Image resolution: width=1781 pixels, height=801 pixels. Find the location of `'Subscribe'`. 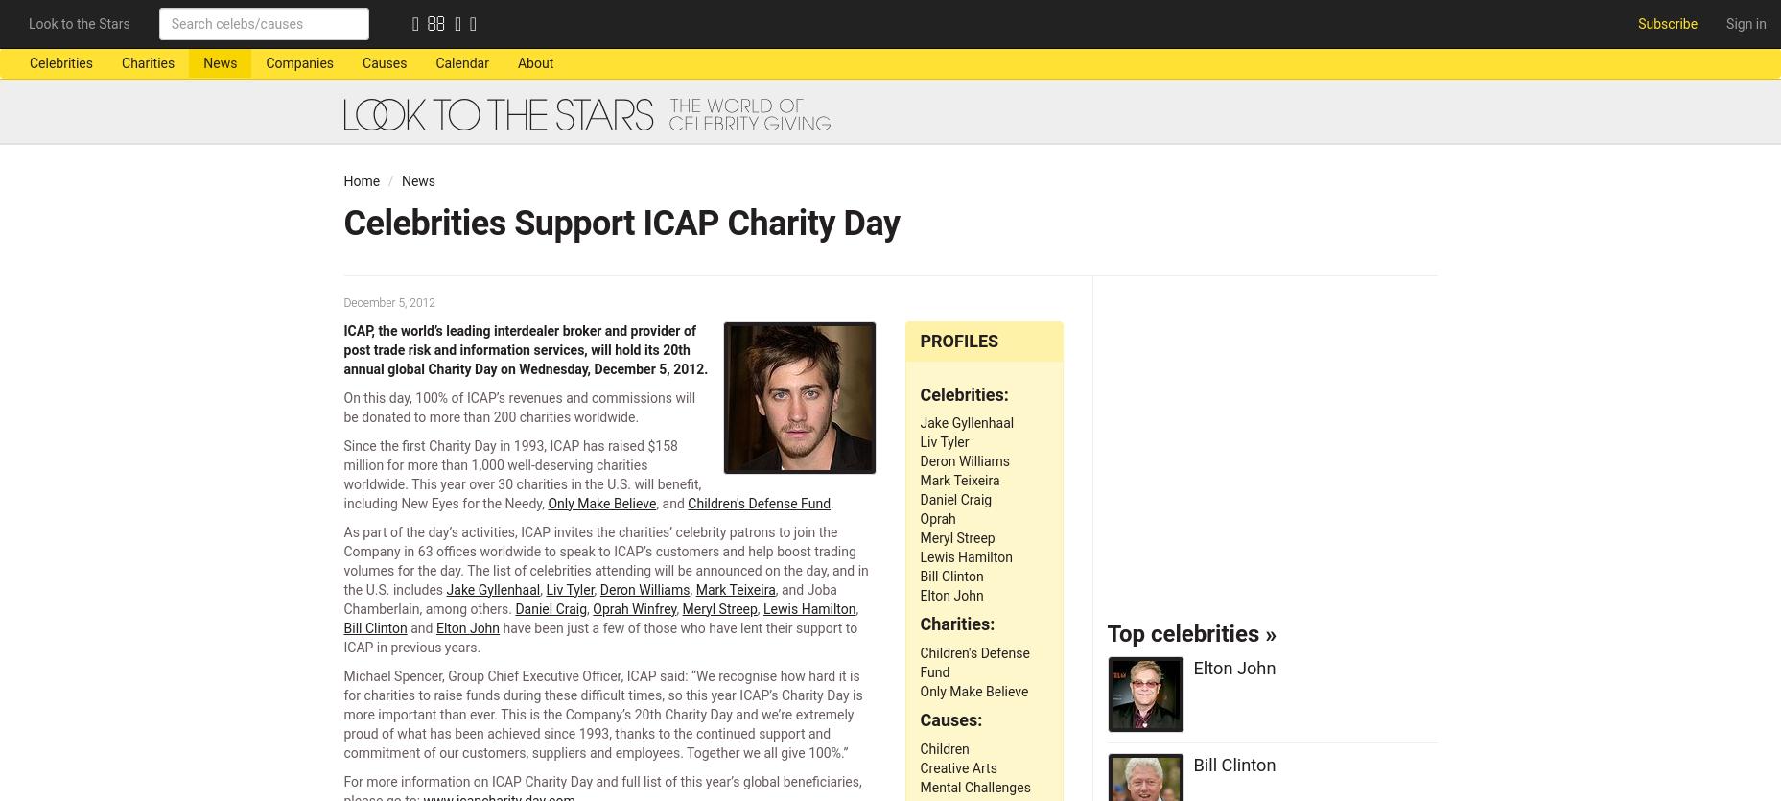

'Subscribe' is located at coordinates (1667, 23).